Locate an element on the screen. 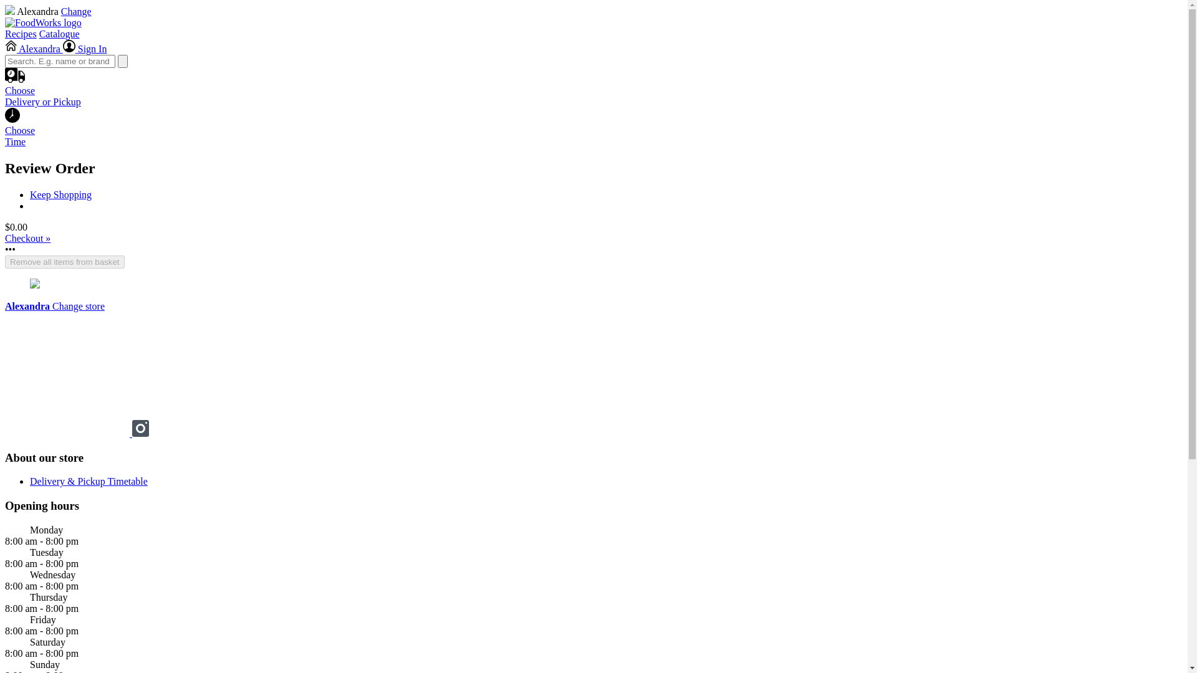  'Keep Shopping' is located at coordinates (60, 194).